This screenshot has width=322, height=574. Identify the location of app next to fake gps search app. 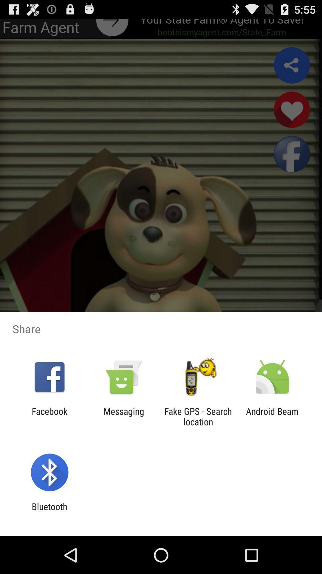
(272, 416).